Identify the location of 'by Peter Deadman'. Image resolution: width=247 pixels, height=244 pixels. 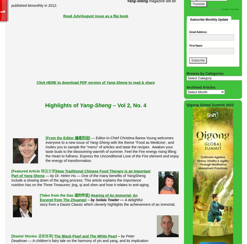
(73, 238).